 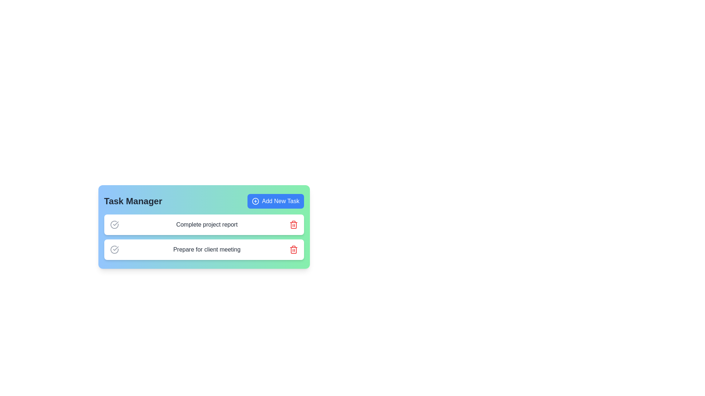 What do you see at coordinates (114, 249) in the screenshot?
I see `the circular checkmark icon located in the Task Manager section, positioned to the left of the text 'Prepare for client meeting'` at bounding box center [114, 249].